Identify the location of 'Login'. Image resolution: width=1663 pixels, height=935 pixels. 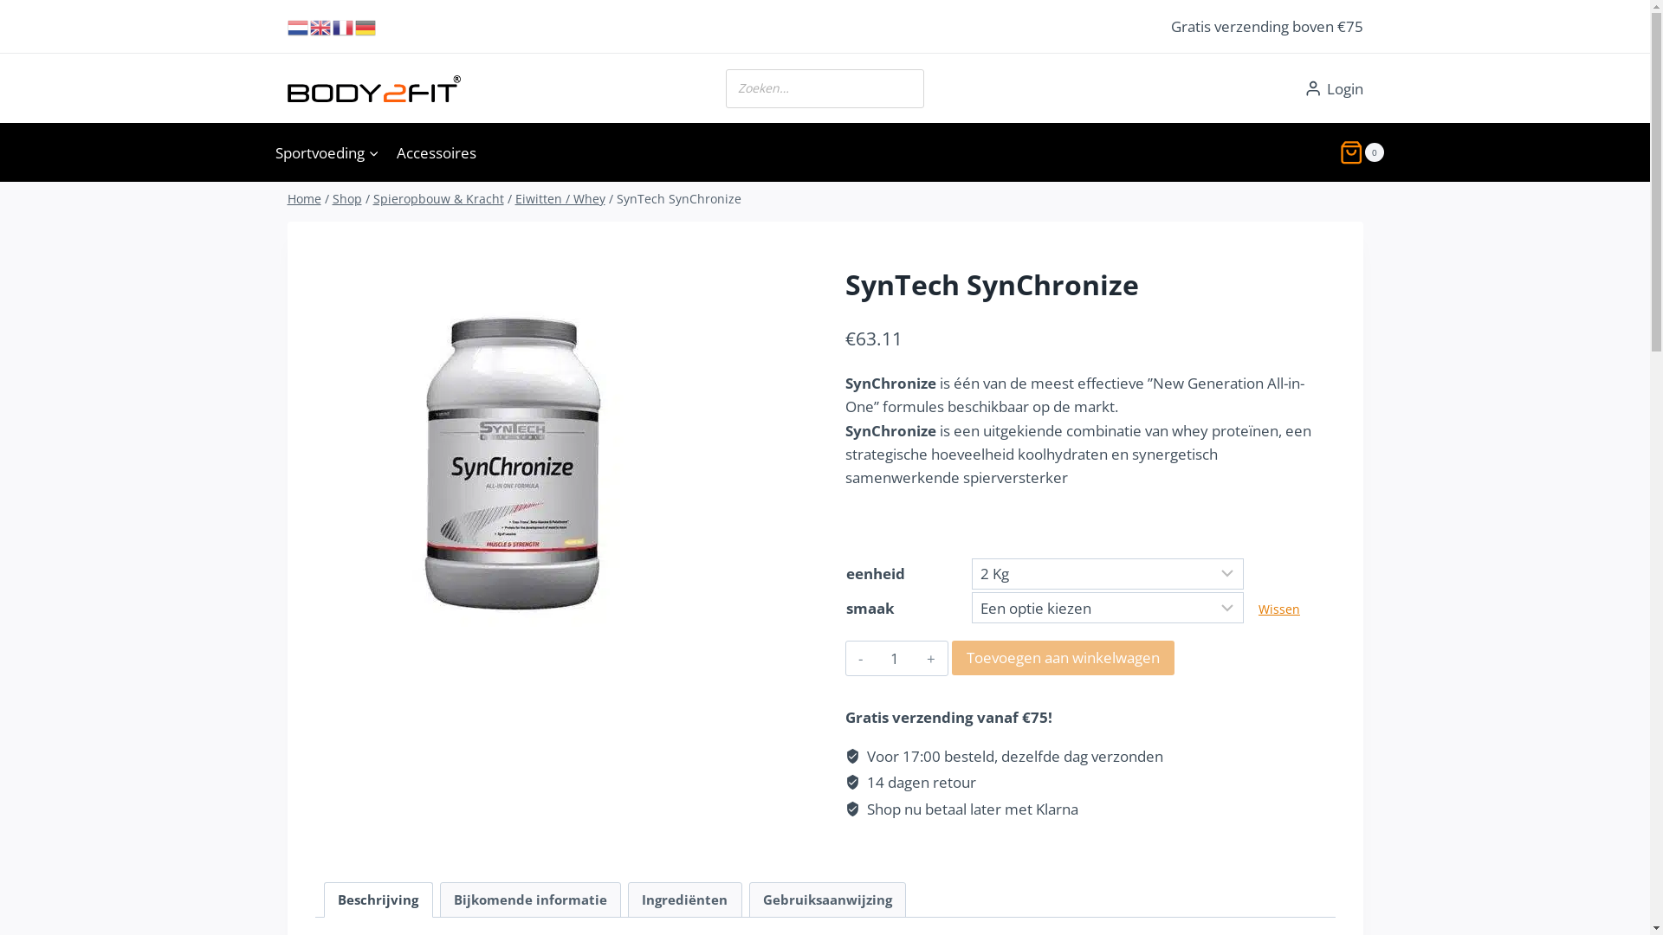
(1332, 89).